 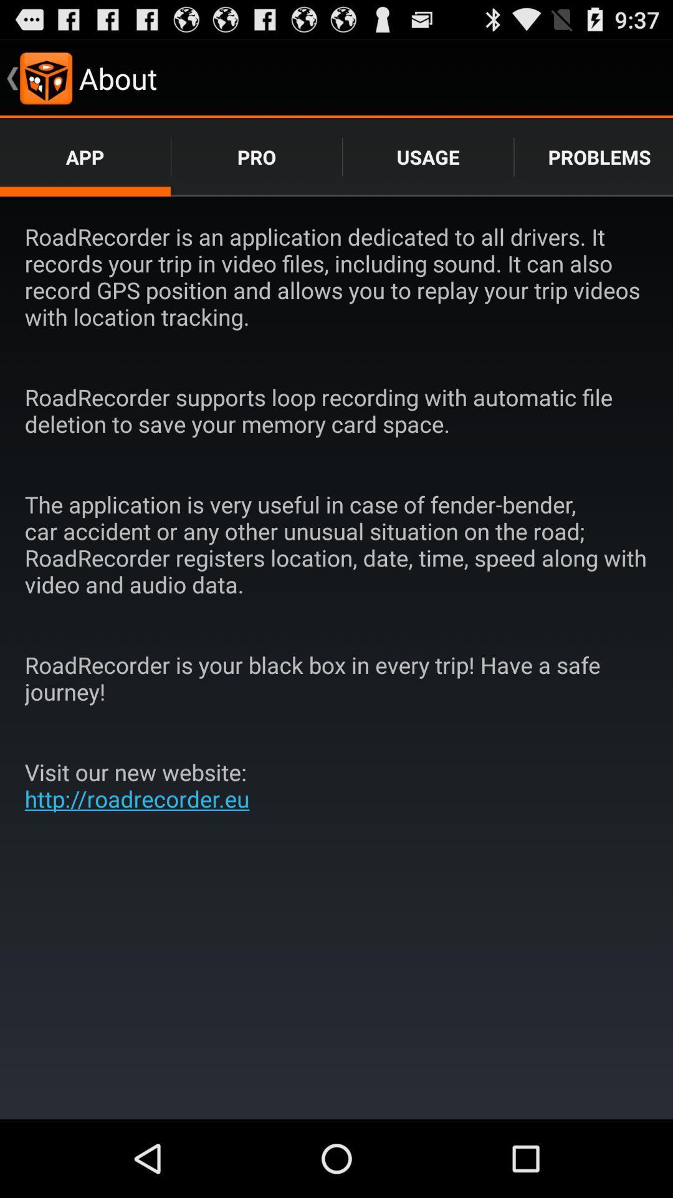 What do you see at coordinates (141, 784) in the screenshot?
I see `the item below the roadrecorder is your item` at bounding box center [141, 784].